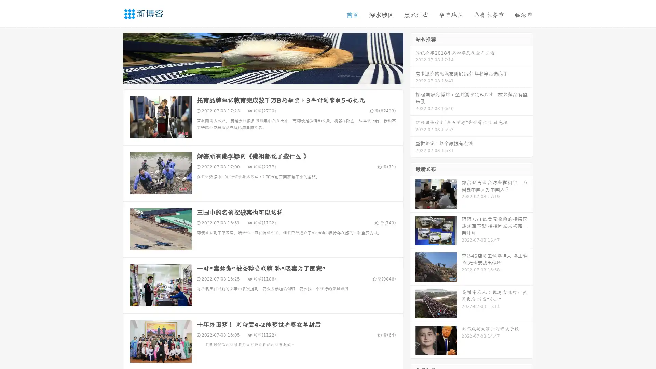  Describe the element at coordinates (270, 77) in the screenshot. I see `Go to slide 3` at that location.